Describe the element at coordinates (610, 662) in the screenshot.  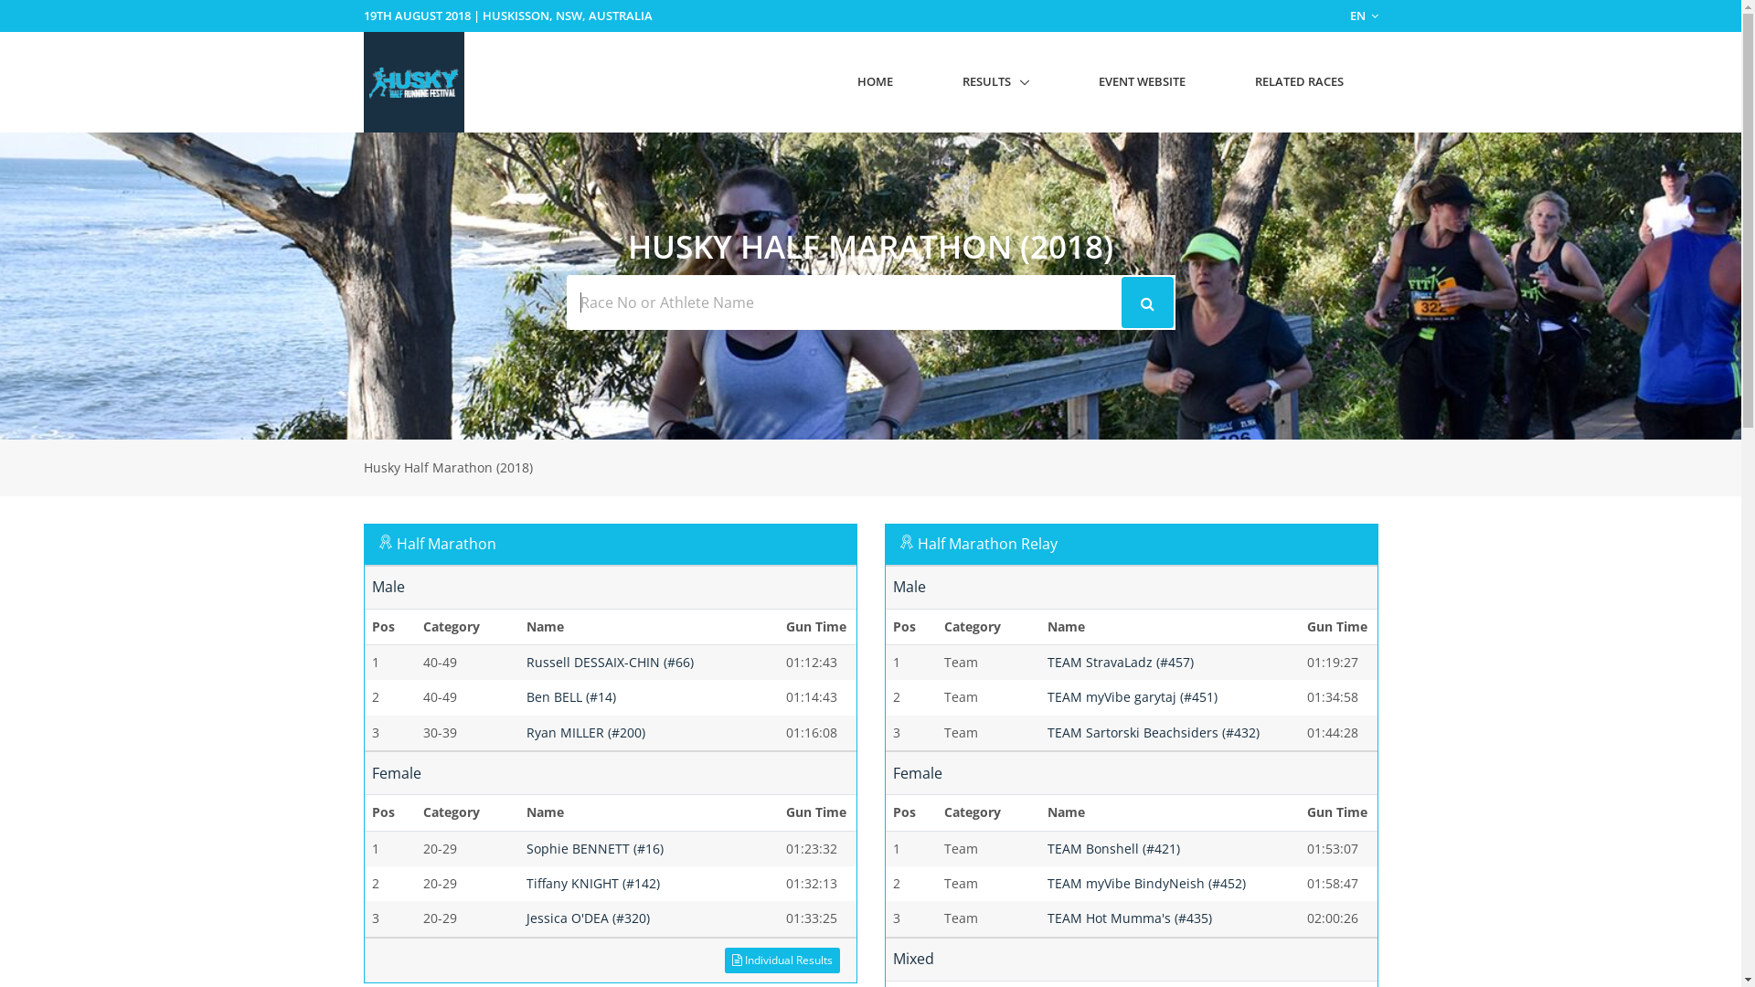
I see `'Russell DESSAIX-CHIN (#66)'` at that location.